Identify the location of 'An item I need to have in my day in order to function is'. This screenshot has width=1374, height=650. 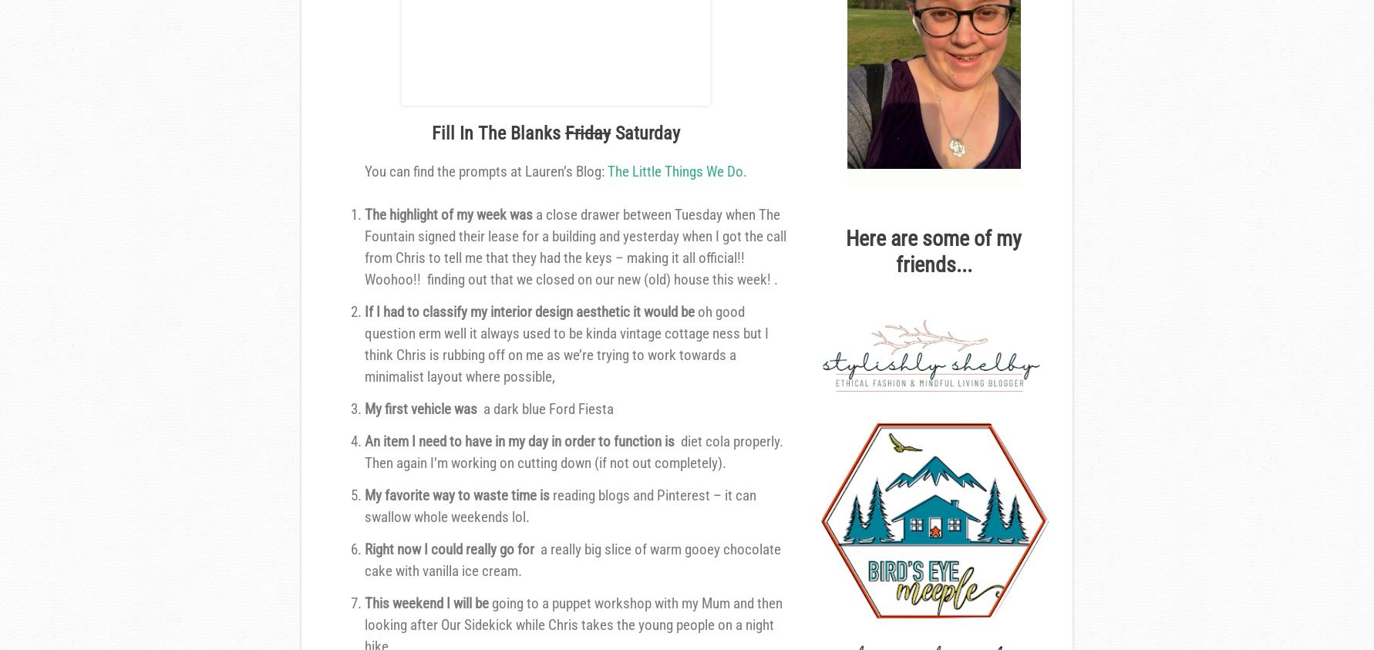
(522, 440).